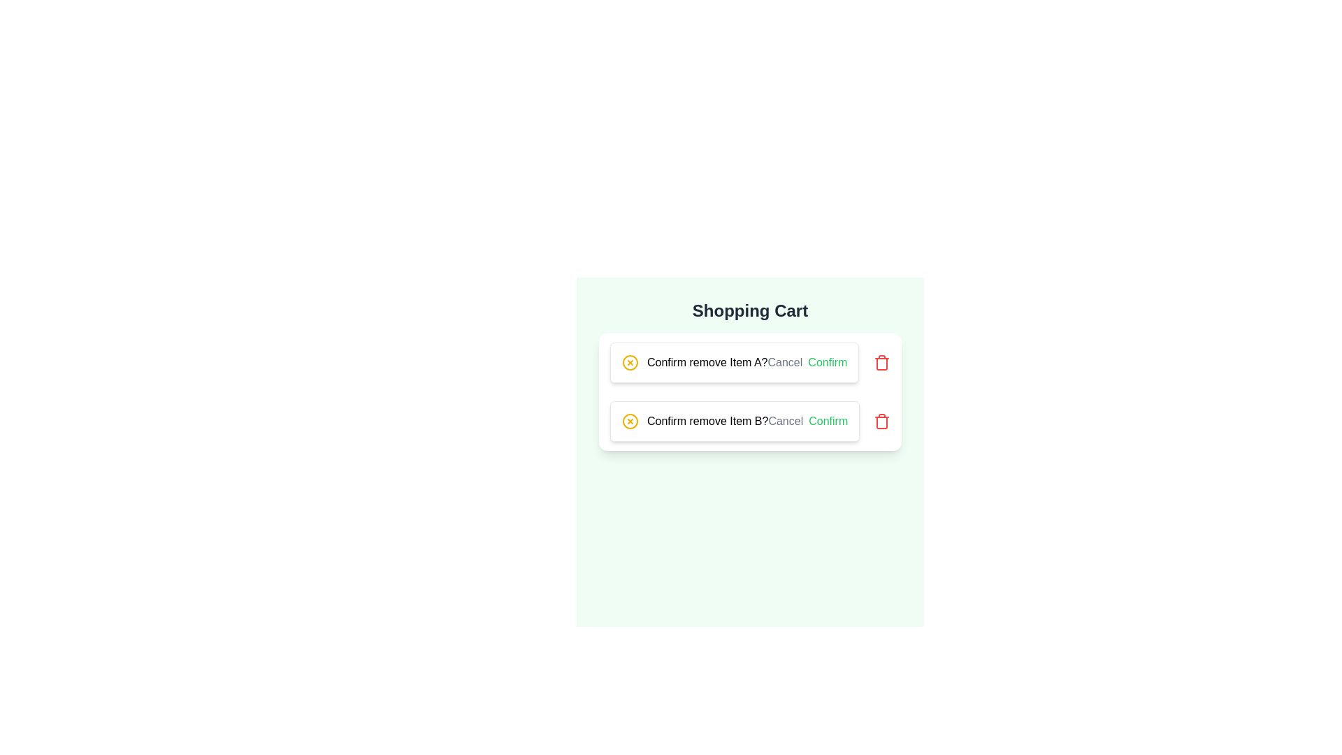 The image size is (1342, 755). What do you see at coordinates (630, 362) in the screenshot?
I see `the warning icon located on the far left side of the dialog box containing the text 'Confirm remove Item A?'. This icon serves as a visual indicator for confirming or canceling the action` at bounding box center [630, 362].